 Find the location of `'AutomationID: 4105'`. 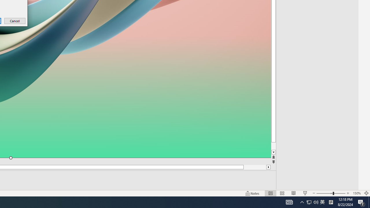

'AutomationID: 4105' is located at coordinates (289, 202).